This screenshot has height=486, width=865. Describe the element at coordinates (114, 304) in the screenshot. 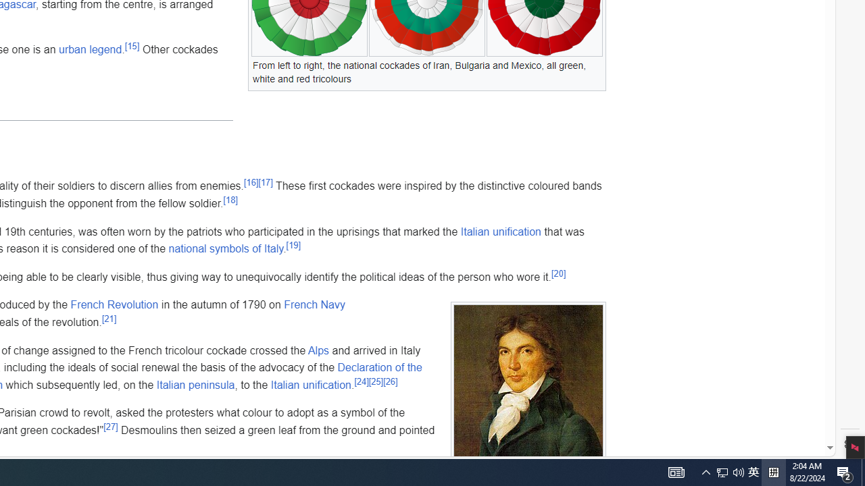

I see `'French Revolution'` at that location.